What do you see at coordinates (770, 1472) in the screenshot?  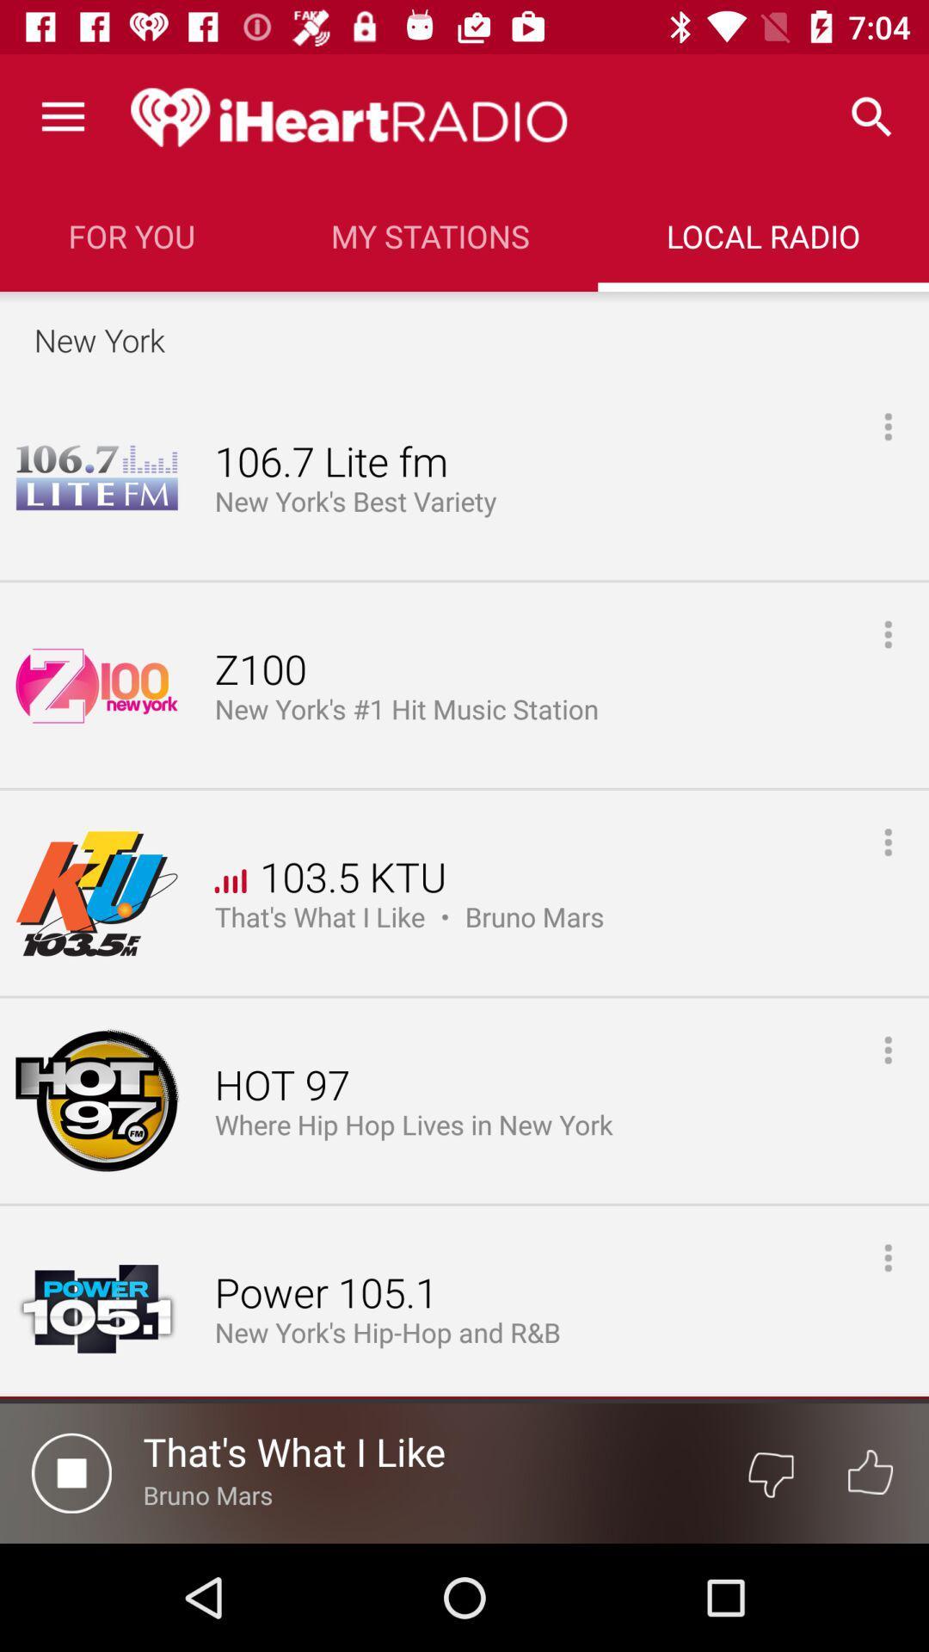 I see `the thumbs_down icon` at bounding box center [770, 1472].